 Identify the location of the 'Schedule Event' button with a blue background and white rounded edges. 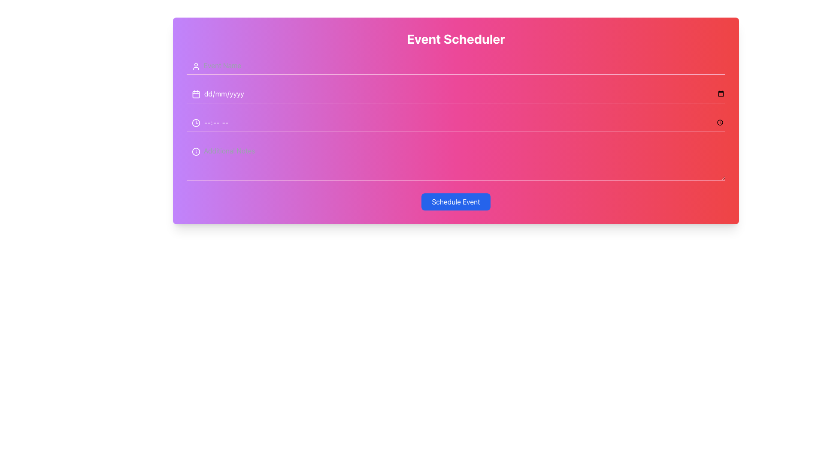
(455, 201).